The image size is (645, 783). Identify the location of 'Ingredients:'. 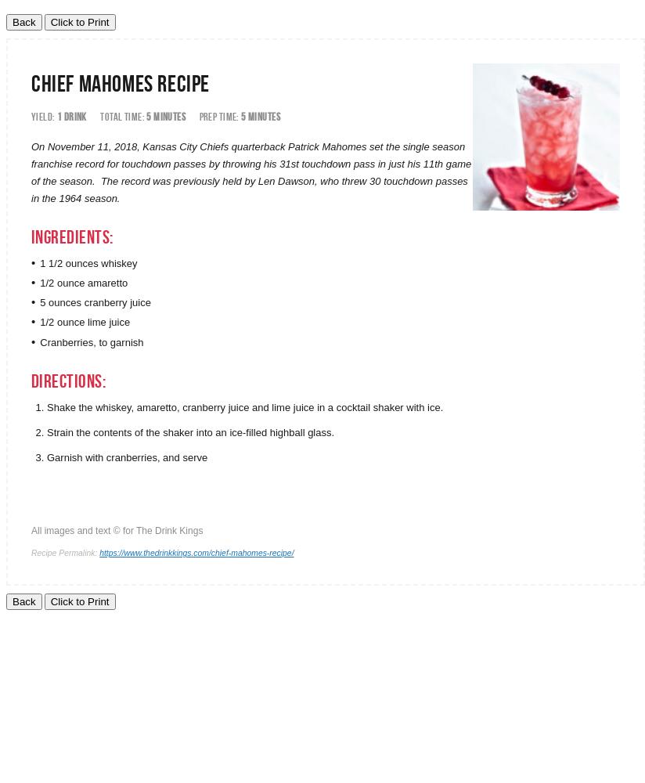
(71, 237).